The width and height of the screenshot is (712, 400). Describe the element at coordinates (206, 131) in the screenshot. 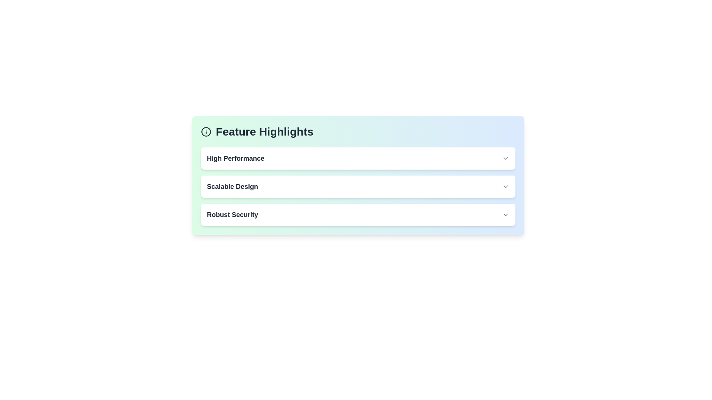

I see `the circular icon located in the top left corner of the feature highlights section, which serves as a decorative or informative icon` at that location.